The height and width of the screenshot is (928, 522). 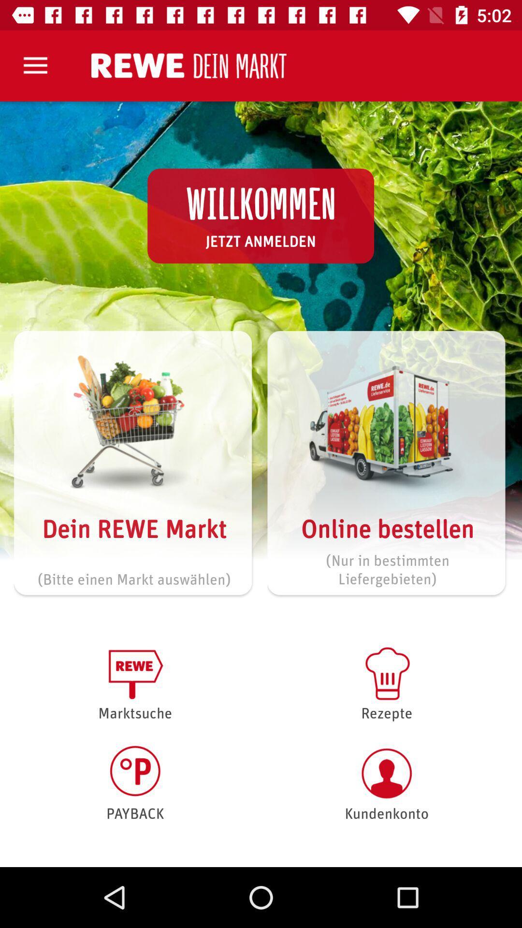 What do you see at coordinates (386, 783) in the screenshot?
I see `icon to the right of the marktsuche item` at bounding box center [386, 783].